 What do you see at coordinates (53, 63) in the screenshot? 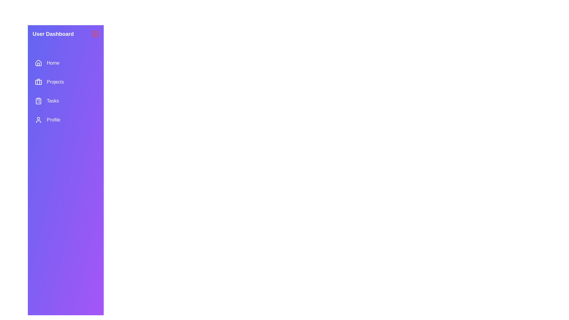
I see `the 'Home' text label in the vertical navigation menu, which is the first item below the 'User Dashboard' header and has a house icon to its left` at bounding box center [53, 63].